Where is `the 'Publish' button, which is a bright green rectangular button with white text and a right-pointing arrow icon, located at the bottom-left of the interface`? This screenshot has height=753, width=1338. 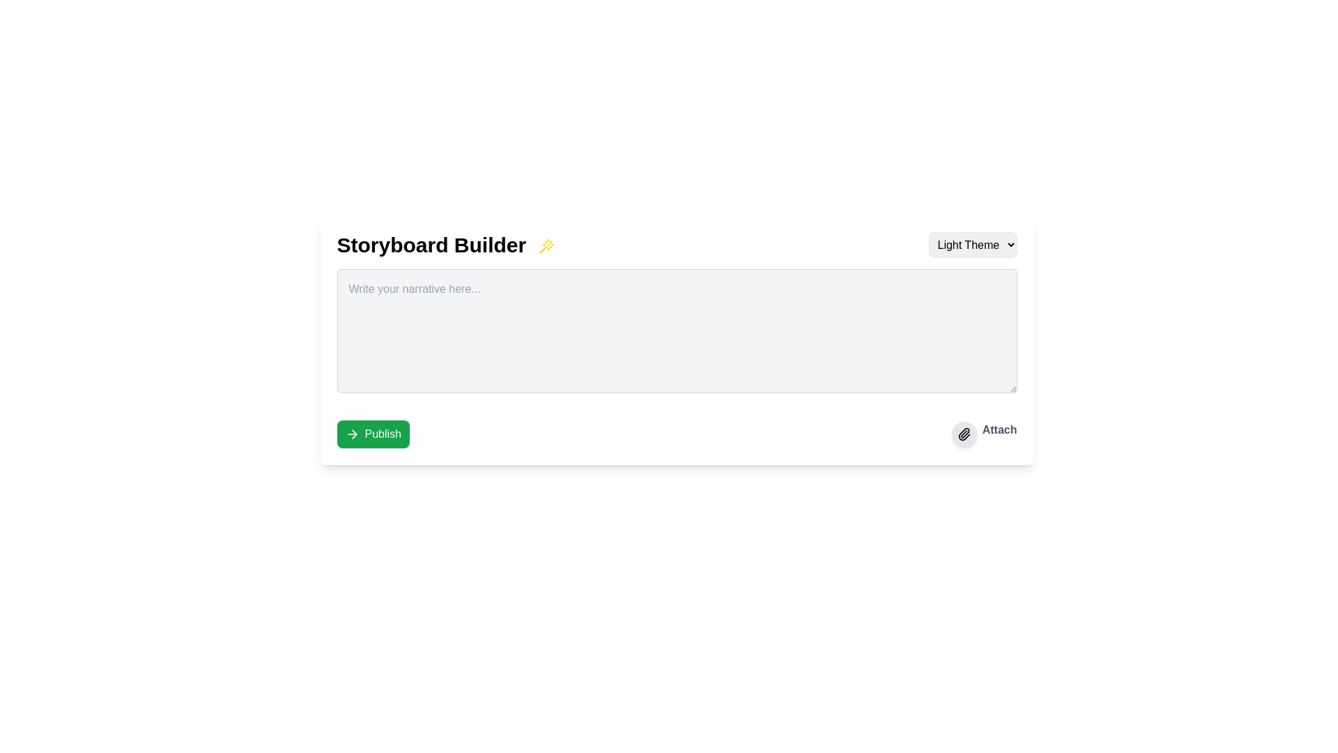
the 'Publish' button, which is a bright green rectangular button with white text and a right-pointing arrow icon, located at the bottom-left of the interface is located at coordinates (373, 434).